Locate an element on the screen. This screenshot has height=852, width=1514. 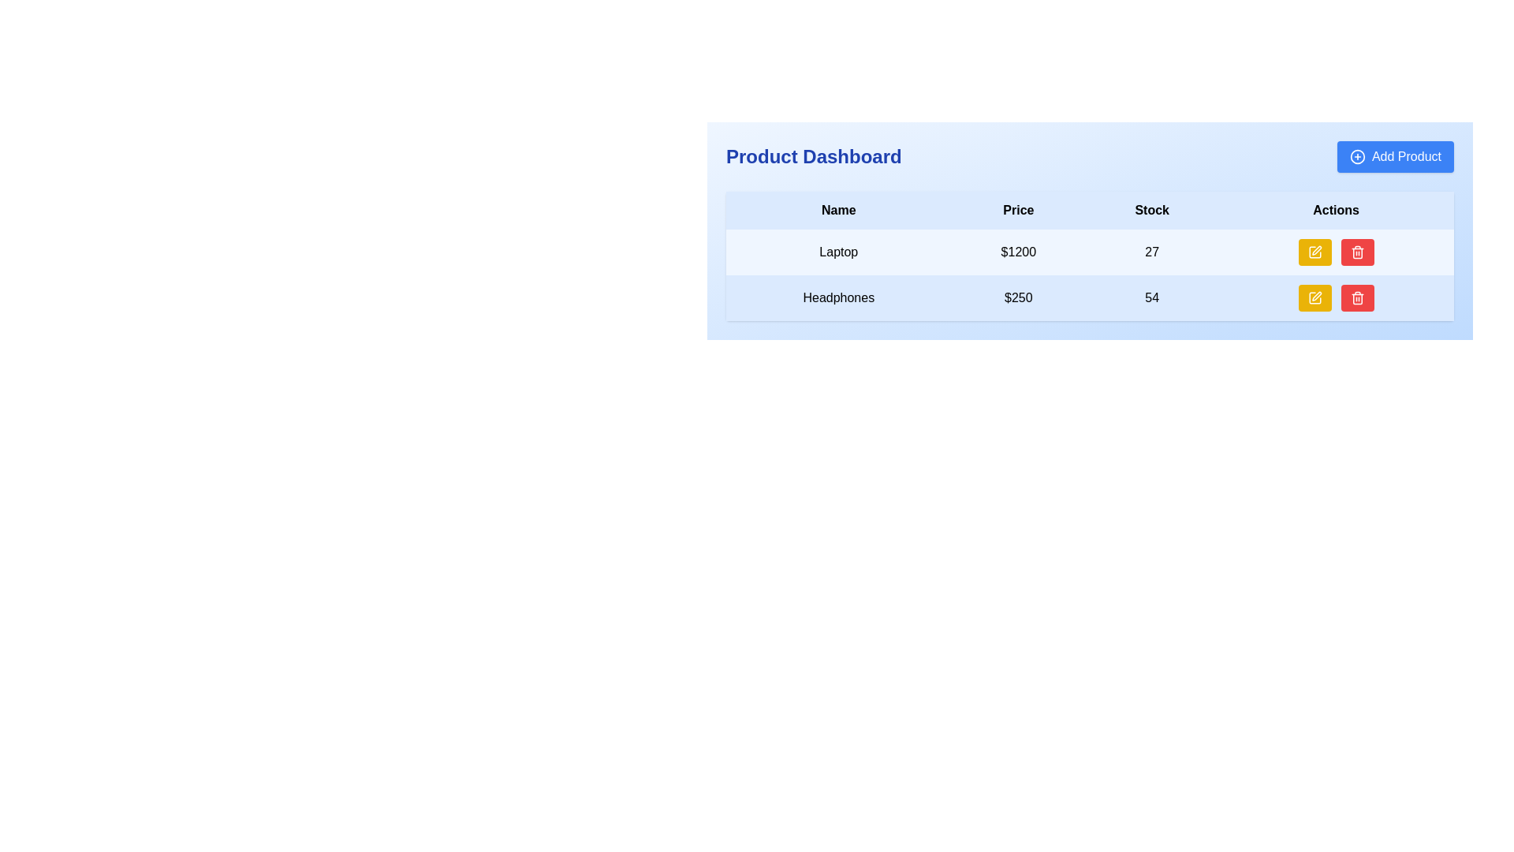
the yellow button in the Actions column is located at coordinates (1335, 298).